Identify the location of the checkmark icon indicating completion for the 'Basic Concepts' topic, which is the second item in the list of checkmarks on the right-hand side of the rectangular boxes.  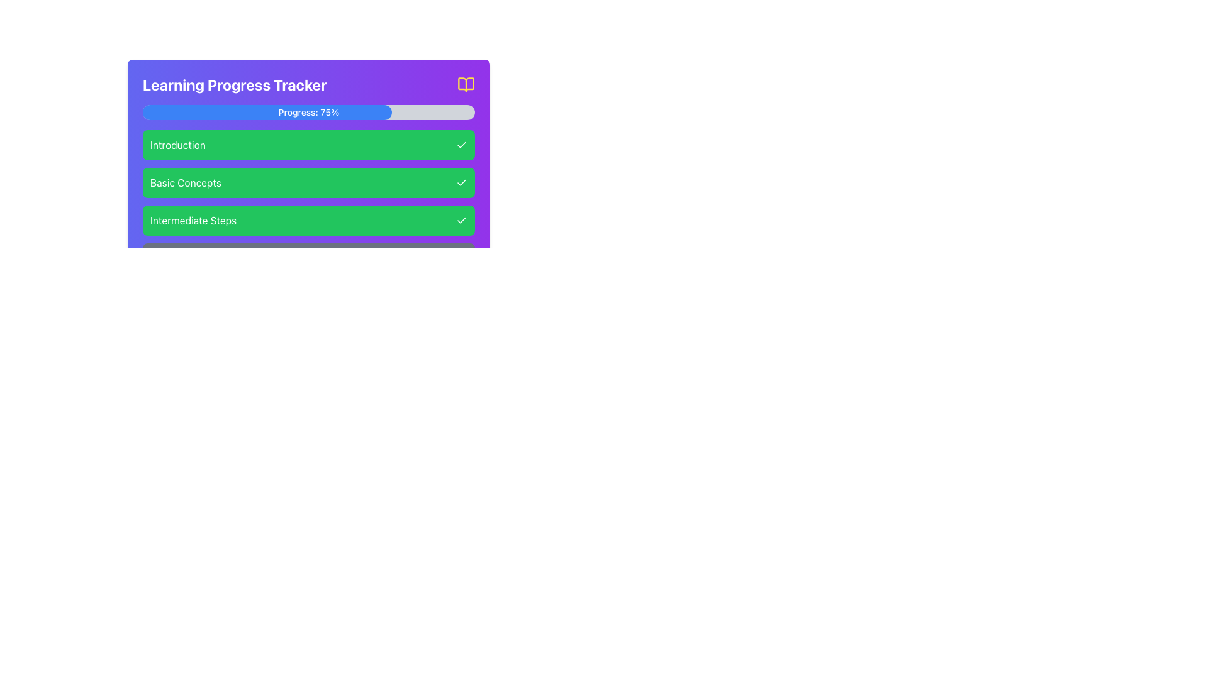
(461, 182).